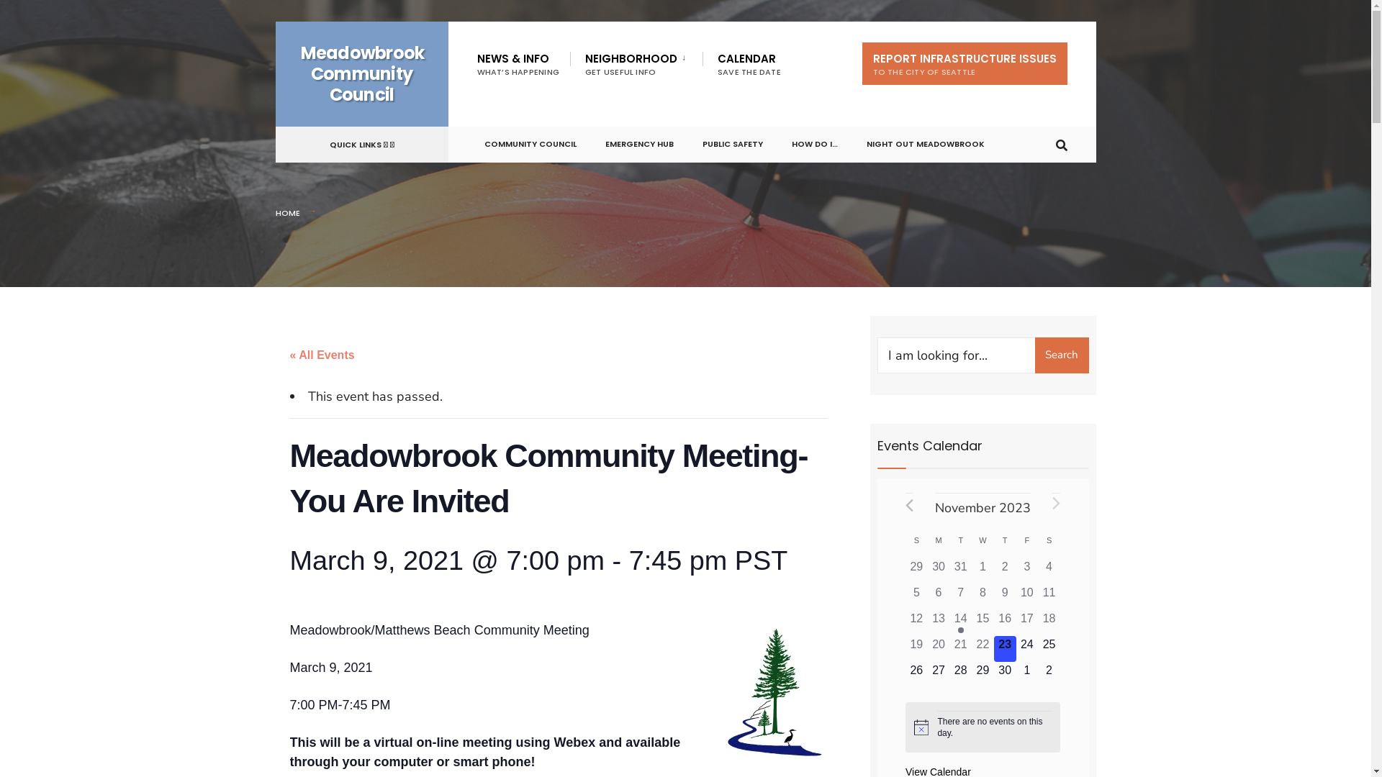  What do you see at coordinates (1062, 355) in the screenshot?
I see `'Search'` at bounding box center [1062, 355].